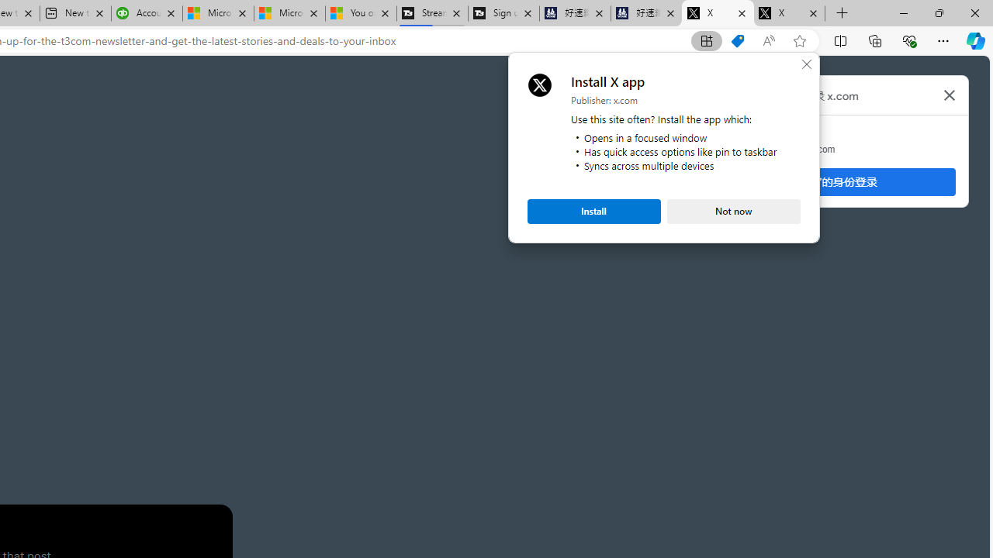 The image size is (993, 558). What do you see at coordinates (903, 12) in the screenshot?
I see `'Minimize'` at bounding box center [903, 12].